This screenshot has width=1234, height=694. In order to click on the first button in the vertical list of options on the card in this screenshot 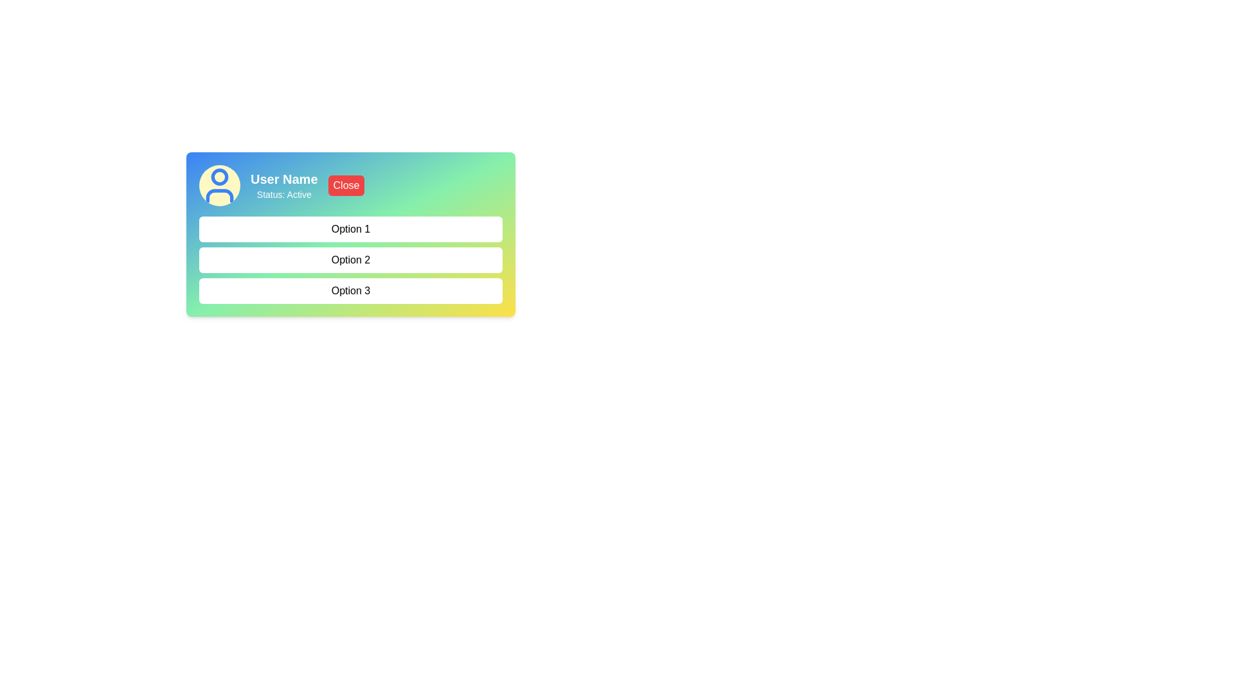, I will do `click(351, 235)`.